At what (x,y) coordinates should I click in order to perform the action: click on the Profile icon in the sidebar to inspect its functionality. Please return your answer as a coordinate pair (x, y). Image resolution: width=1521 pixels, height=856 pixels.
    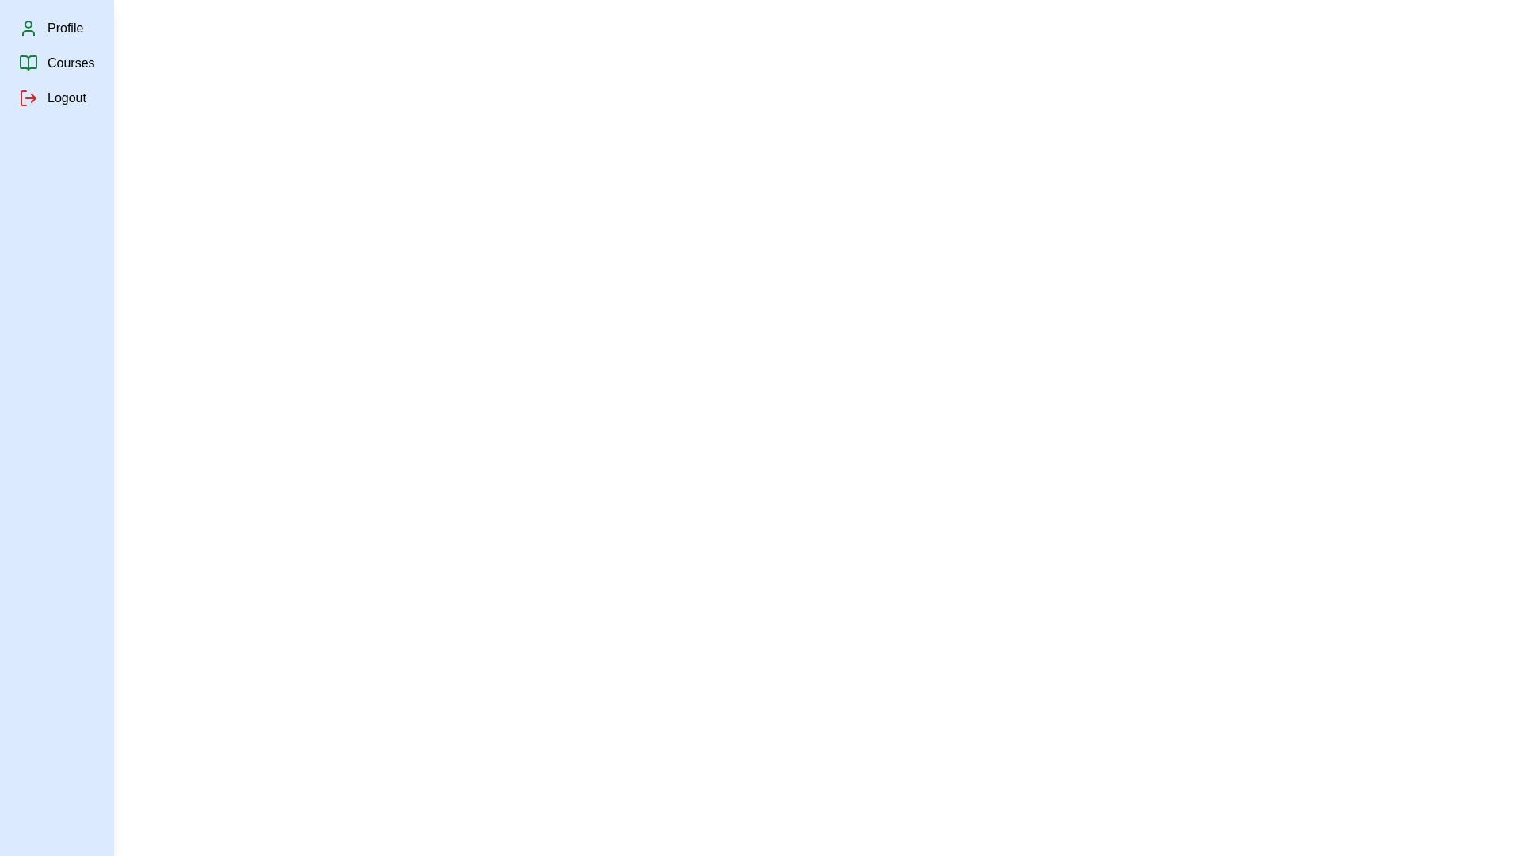
    Looking at the image, I should click on (28, 28).